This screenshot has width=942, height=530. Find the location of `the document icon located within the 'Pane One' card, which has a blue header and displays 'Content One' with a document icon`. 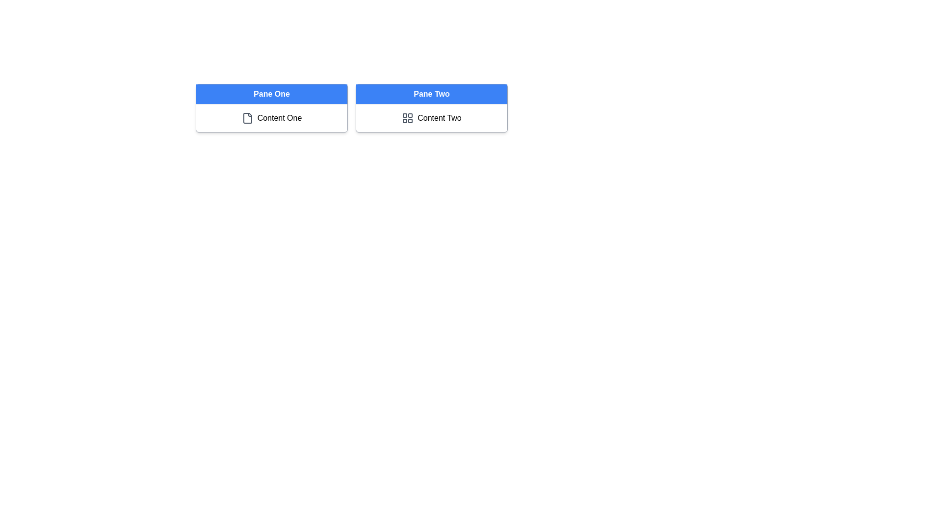

the document icon located within the 'Pane One' card, which has a blue header and displays 'Content One' with a document icon is located at coordinates (271, 108).